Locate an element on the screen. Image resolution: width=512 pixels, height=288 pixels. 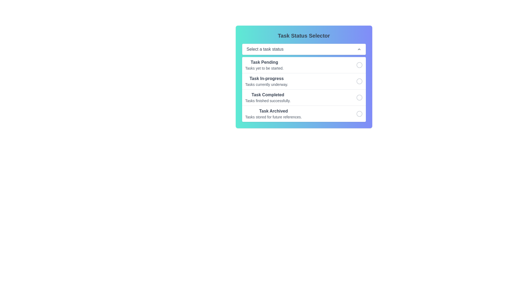
the task status row in the dropdown menu located below the 'Select a task status' dropdown is located at coordinates (304, 89).